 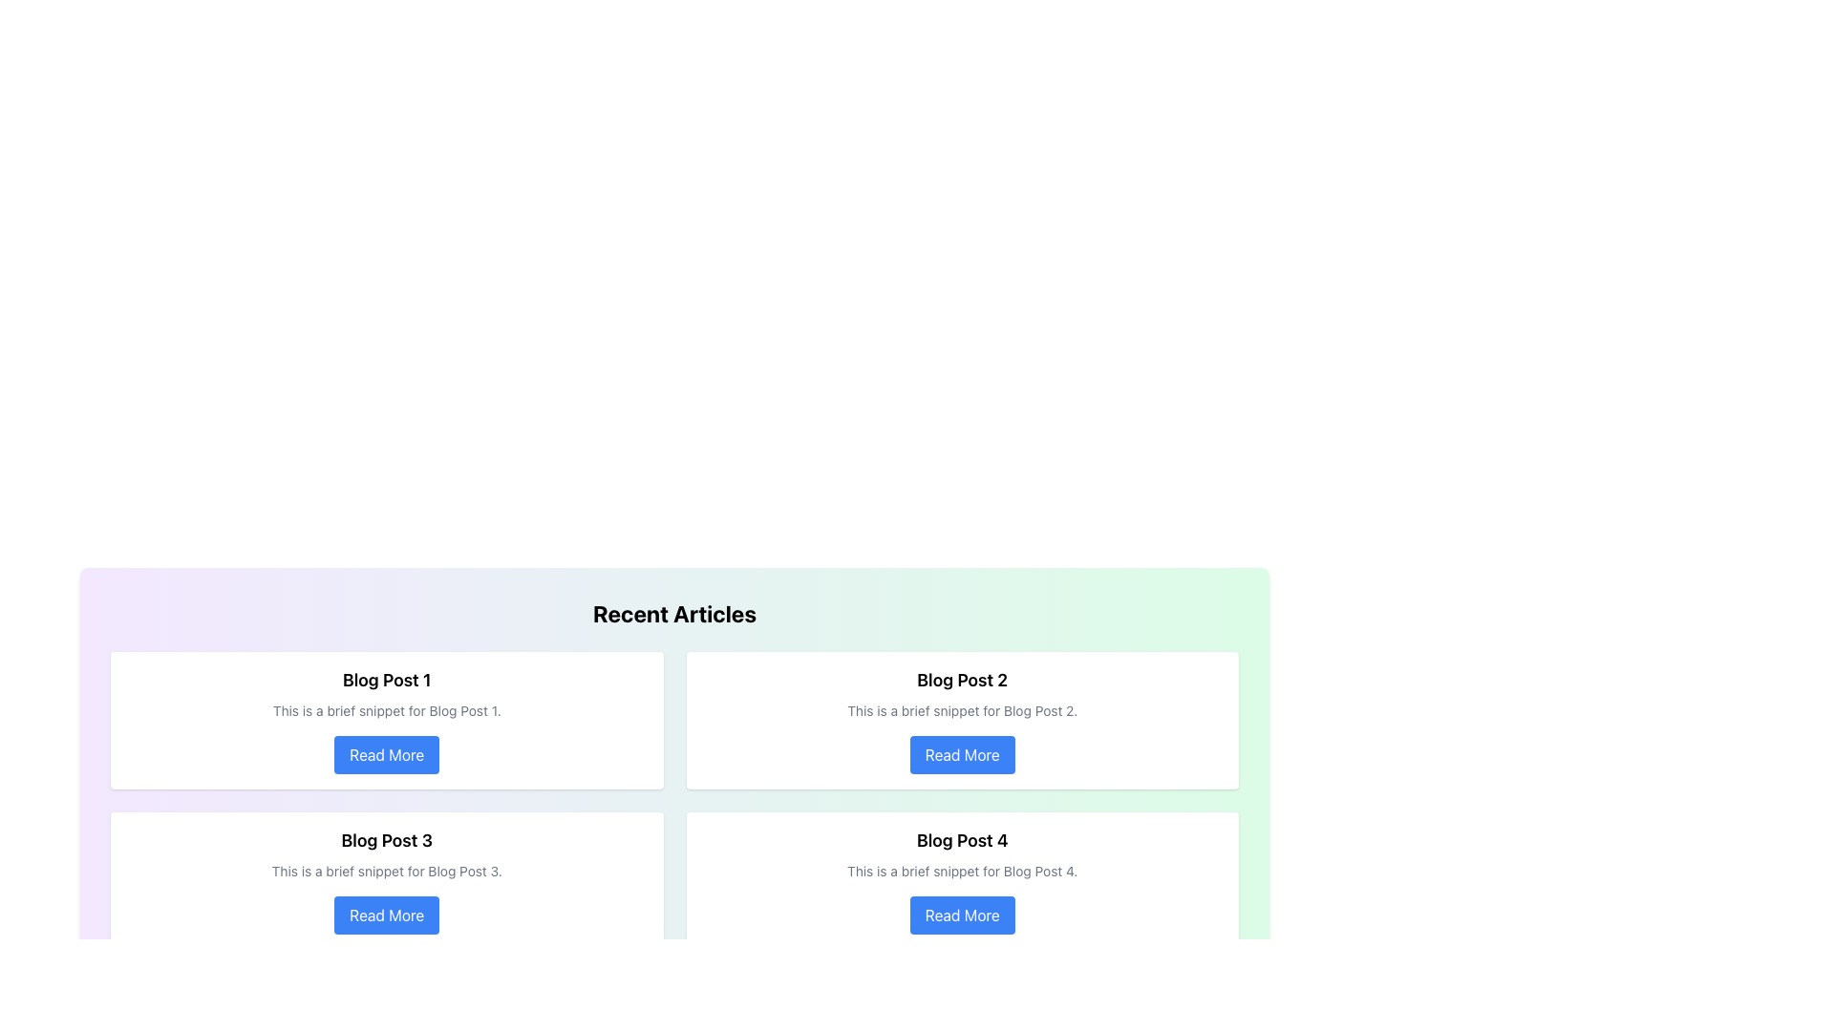 What do you see at coordinates (386, 710) in the screenshot?
I see `text 'This is a brief snippet for Blog Post 1.' located in the middle of the Blog Post 1 card, styled in gray and positioned below the title and above the 'Read More' button` at bounding box center [386, 710].